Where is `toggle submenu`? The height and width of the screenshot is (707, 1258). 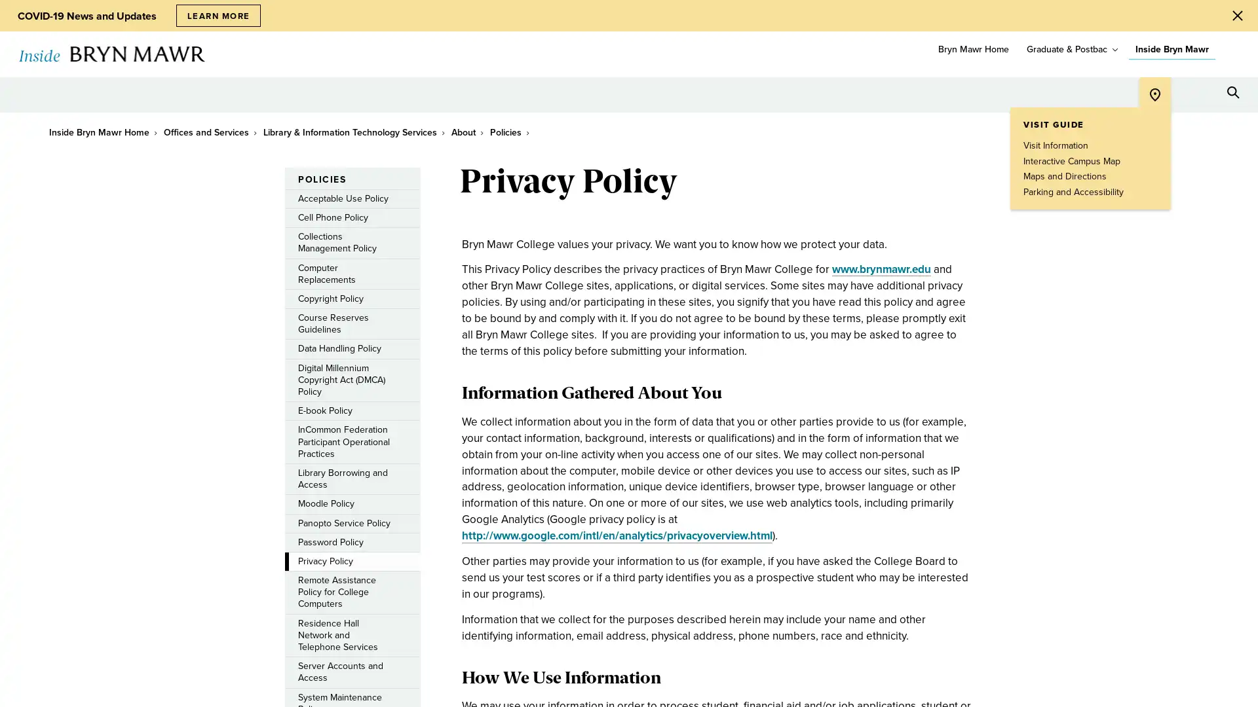
toggle submenu is located at coordinates (366, 85).